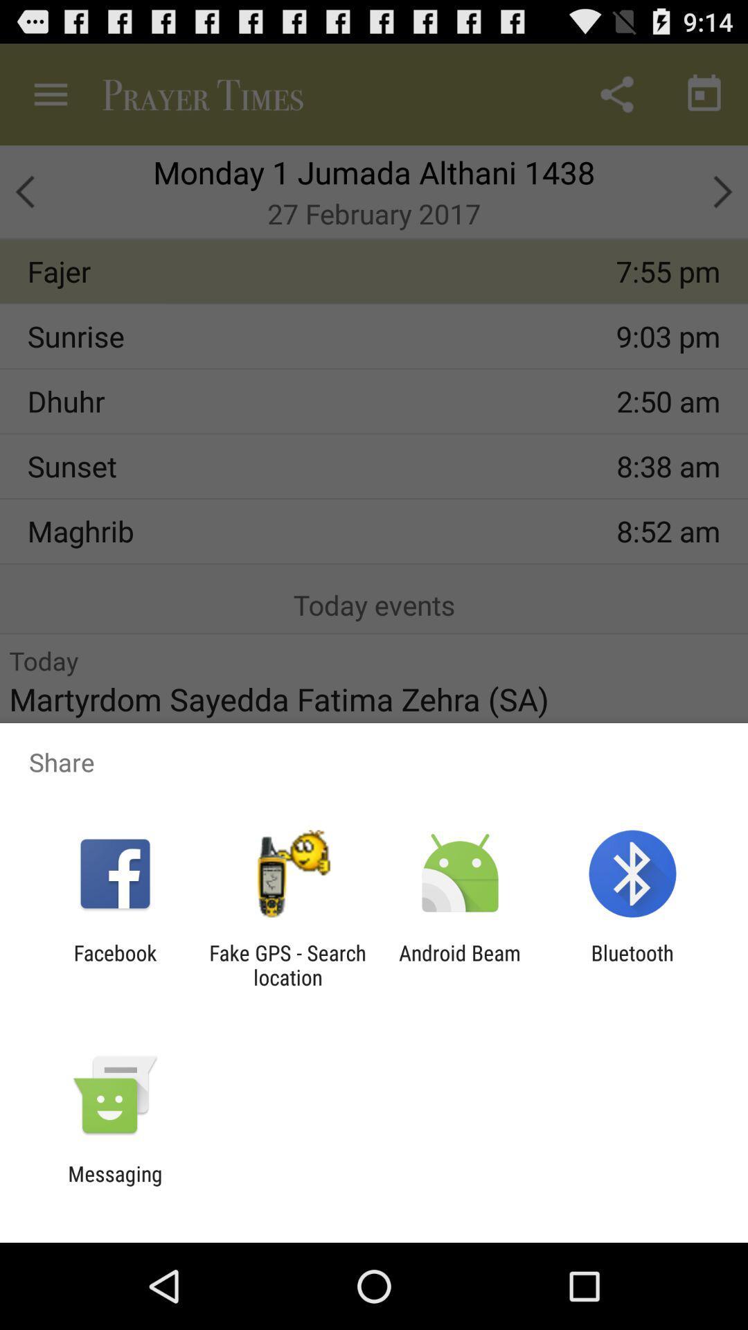  I want to click on the messaging, so click(114, 1185).